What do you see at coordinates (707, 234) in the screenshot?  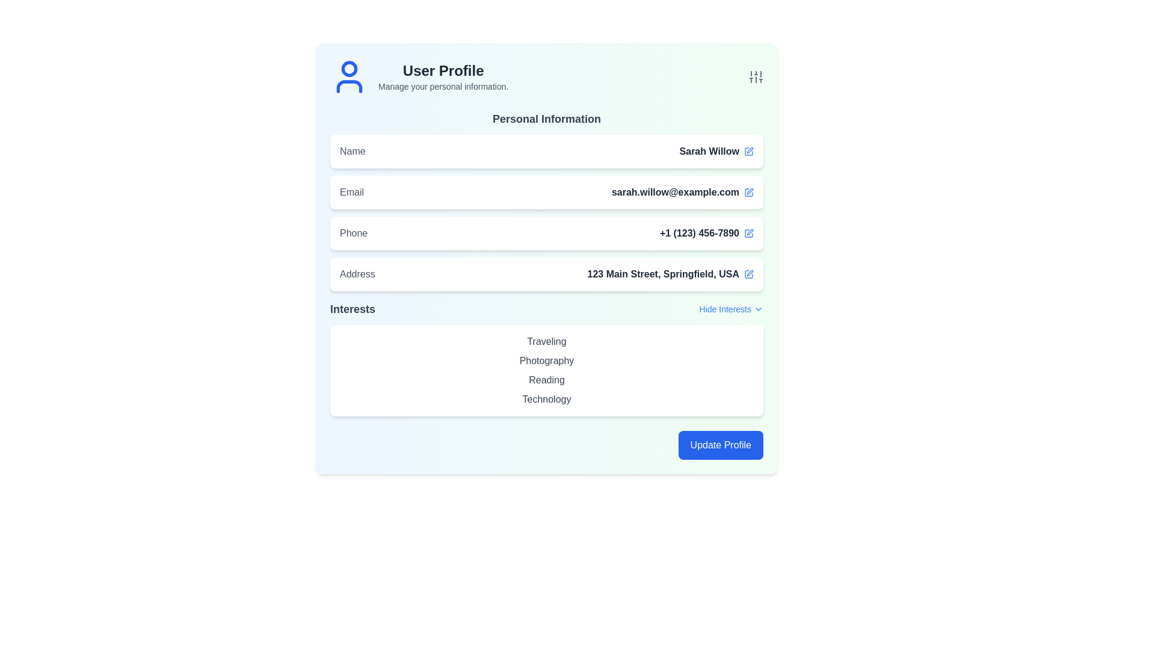 I see `the text display field showing the phone number '+1 (123) 456-7890' located in the 'Phone' section of the user profile` at bounding box center [707, 234].